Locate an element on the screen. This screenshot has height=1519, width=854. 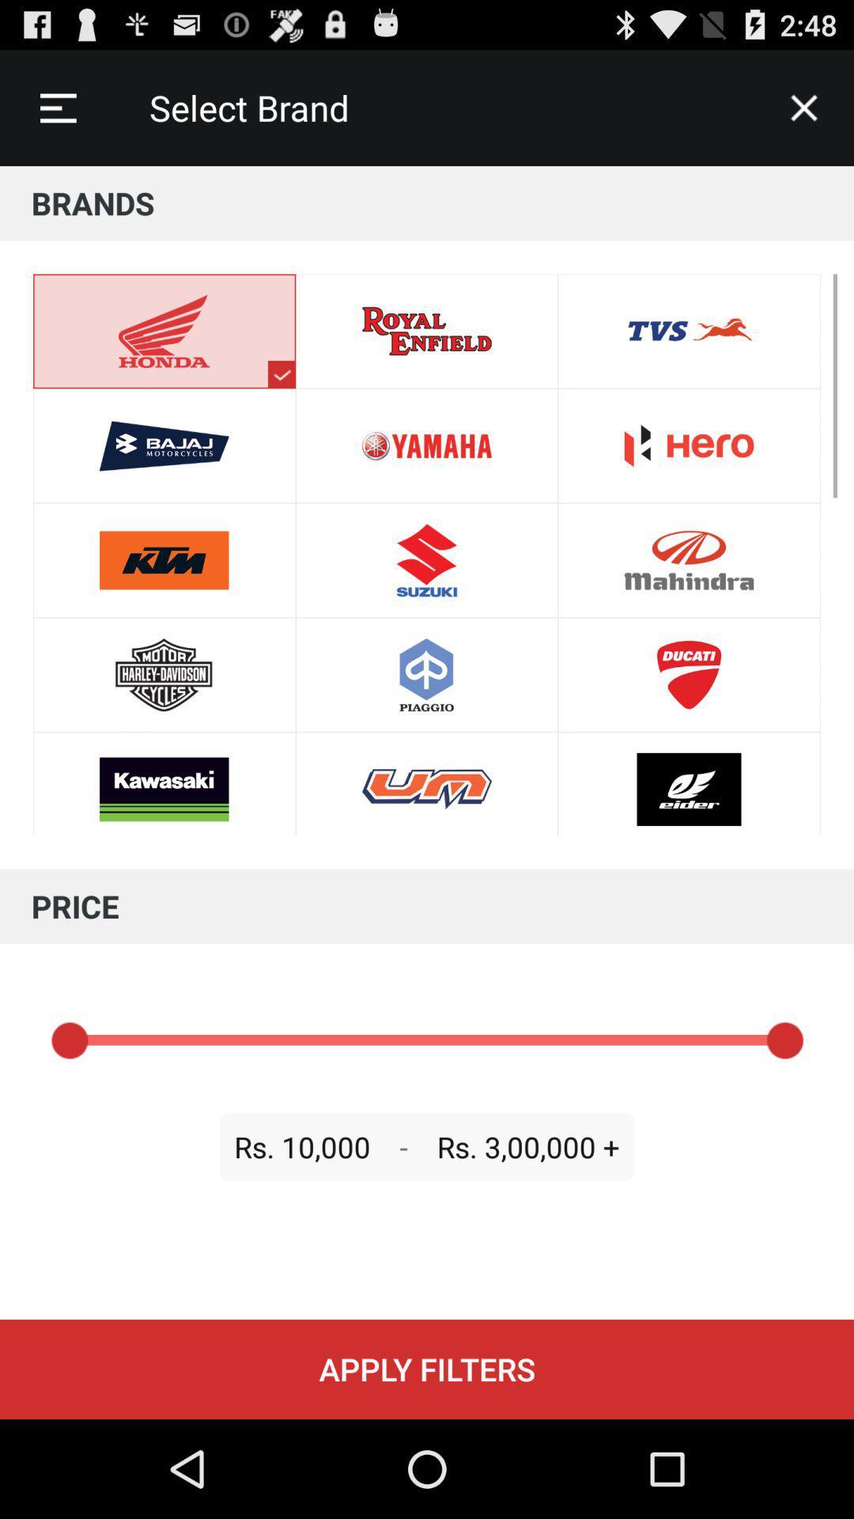
the last logo in the second row from the top is located at coordinates (688, 445).